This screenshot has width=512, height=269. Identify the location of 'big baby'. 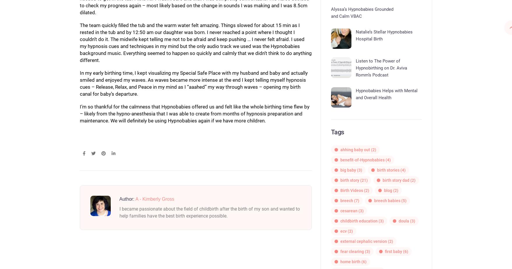
(348, 170).